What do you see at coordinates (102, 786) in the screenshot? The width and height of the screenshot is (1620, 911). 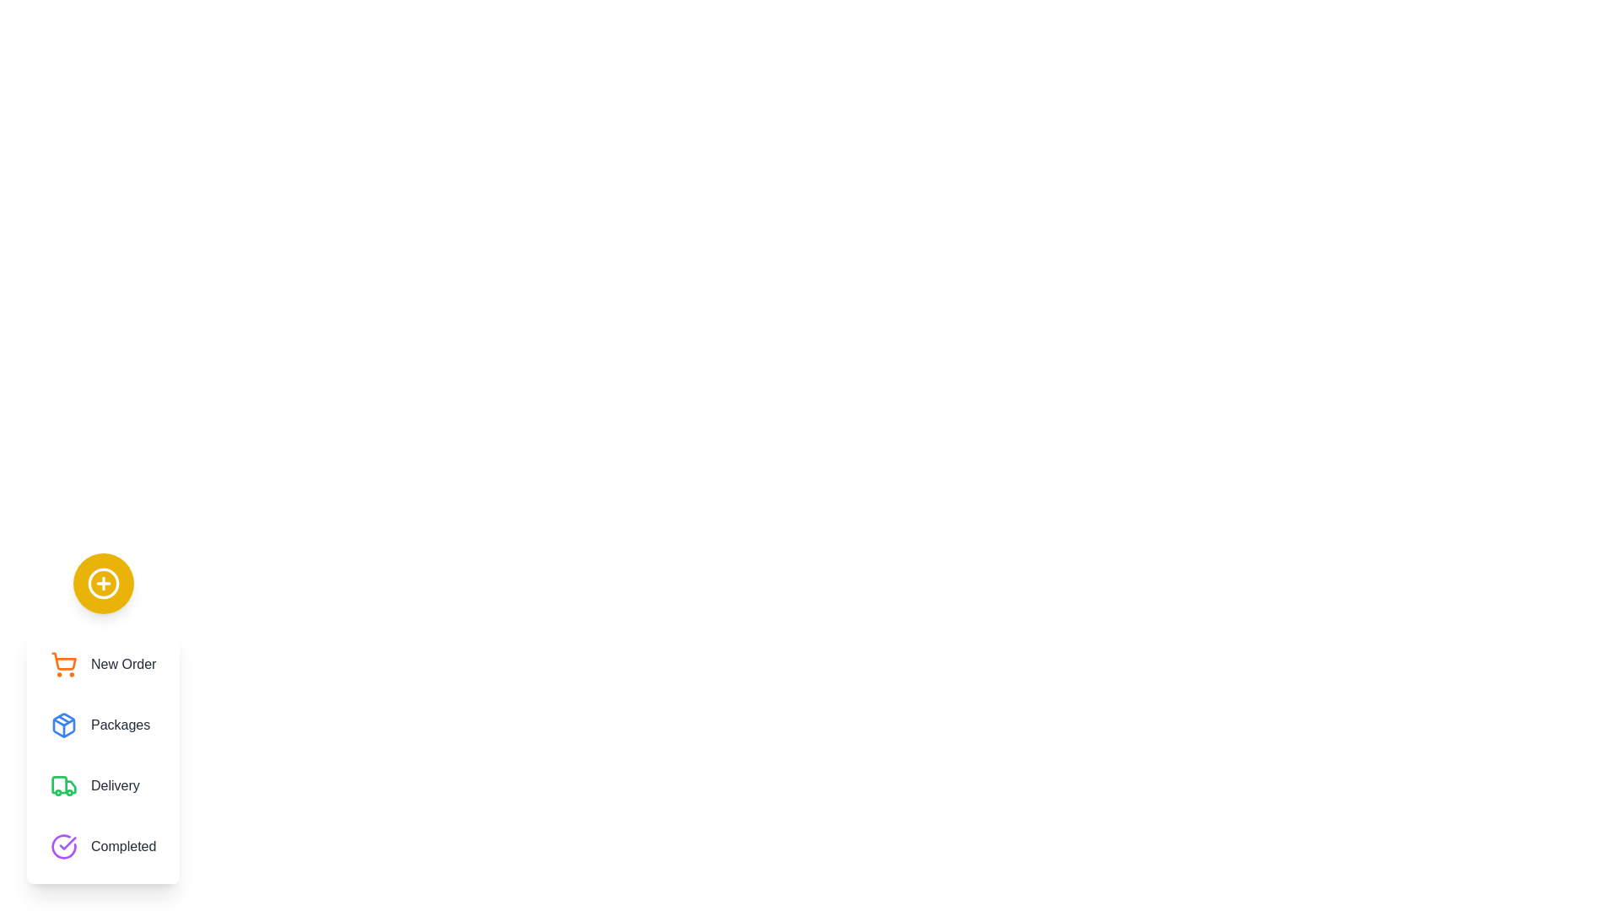 I see `the menu option Delivery from the speed dial menu` at bounding box center [102, 786].